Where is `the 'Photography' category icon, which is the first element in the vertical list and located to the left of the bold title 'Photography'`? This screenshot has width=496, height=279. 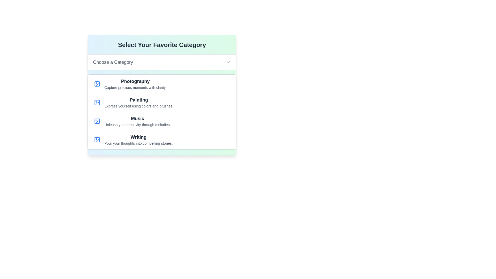
the 'Photography' category icon, which is the first element in the vertical list and located to the left of the bold title 'Photography' is located at coordinates (97, 83).